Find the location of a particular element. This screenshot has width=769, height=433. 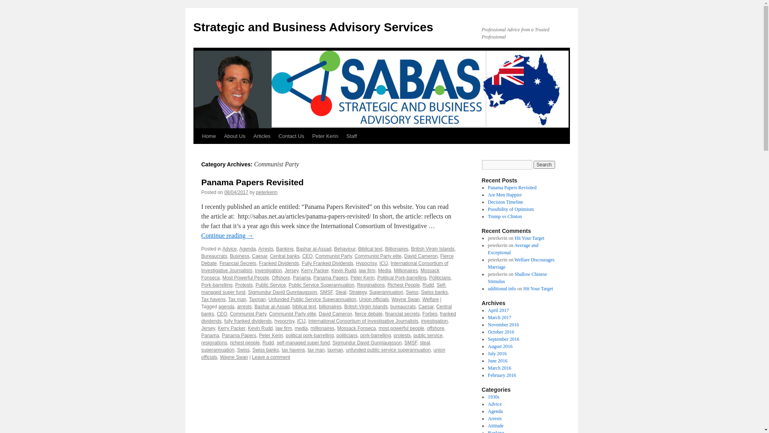

'November 2016' is located at coordinates (503, 325).